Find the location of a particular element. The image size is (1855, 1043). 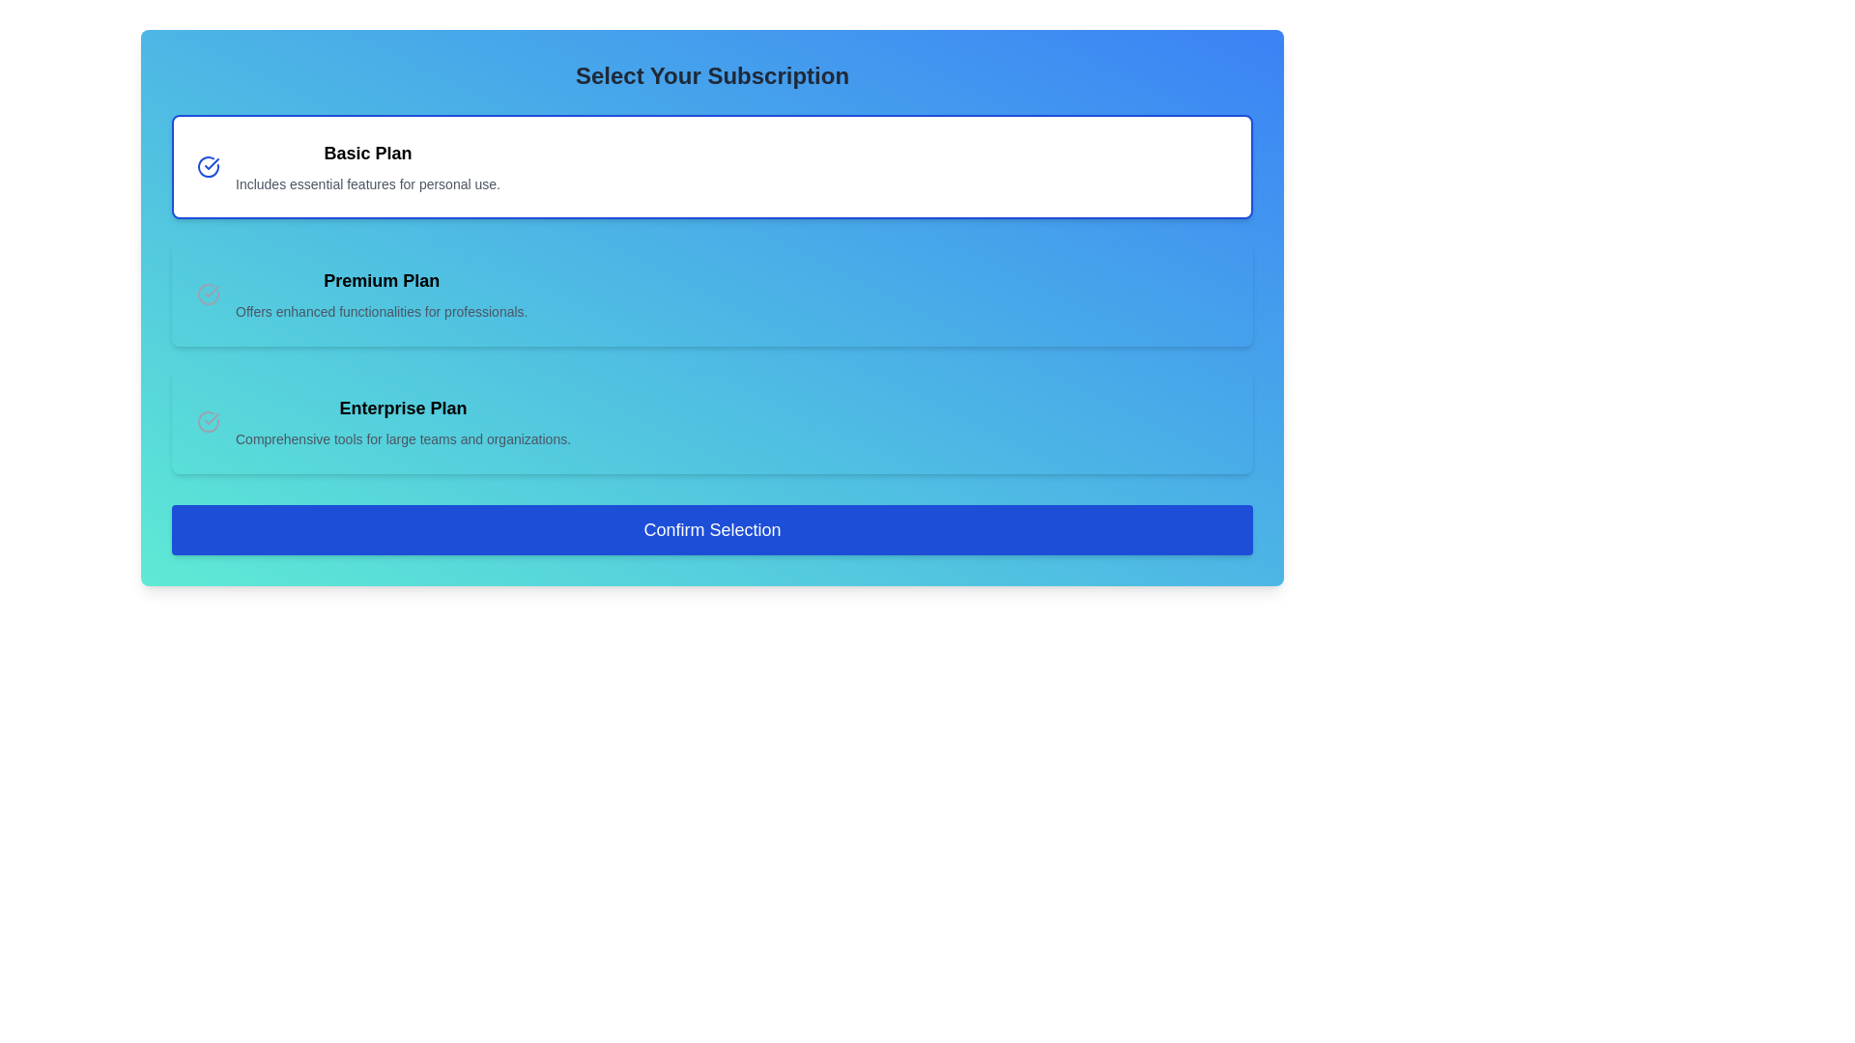

the text element styled in a smaller gray font that reads 'Comprehensive tools for large teams and organizations.', positioned directly below the 'Enterprise Plan' header is located at coordinates (402, 439).